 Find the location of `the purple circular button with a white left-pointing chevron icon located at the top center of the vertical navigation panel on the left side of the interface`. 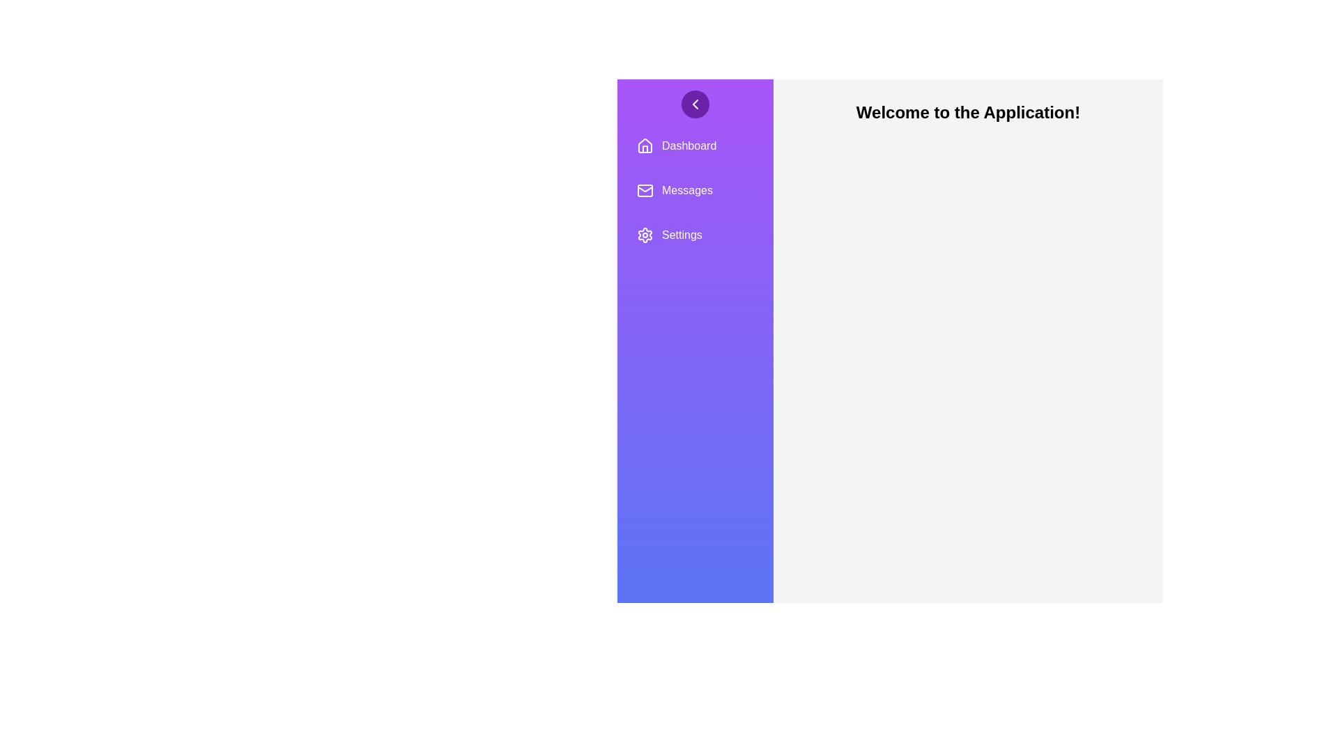

the purple circular button with a white left-pointing chevron icon located at the top center of the vertical navigation panel on the left side of the interface is located at coordinates (695, 104).